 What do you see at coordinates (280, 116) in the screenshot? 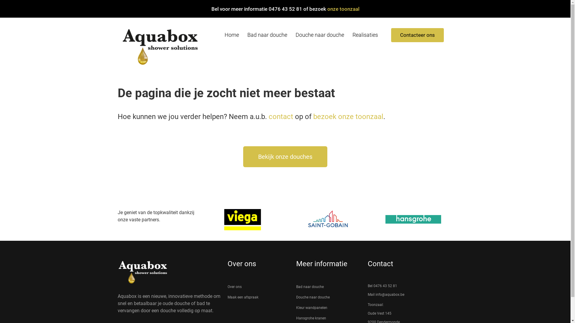
I see `'contact'` at bounding box center [280, 116].